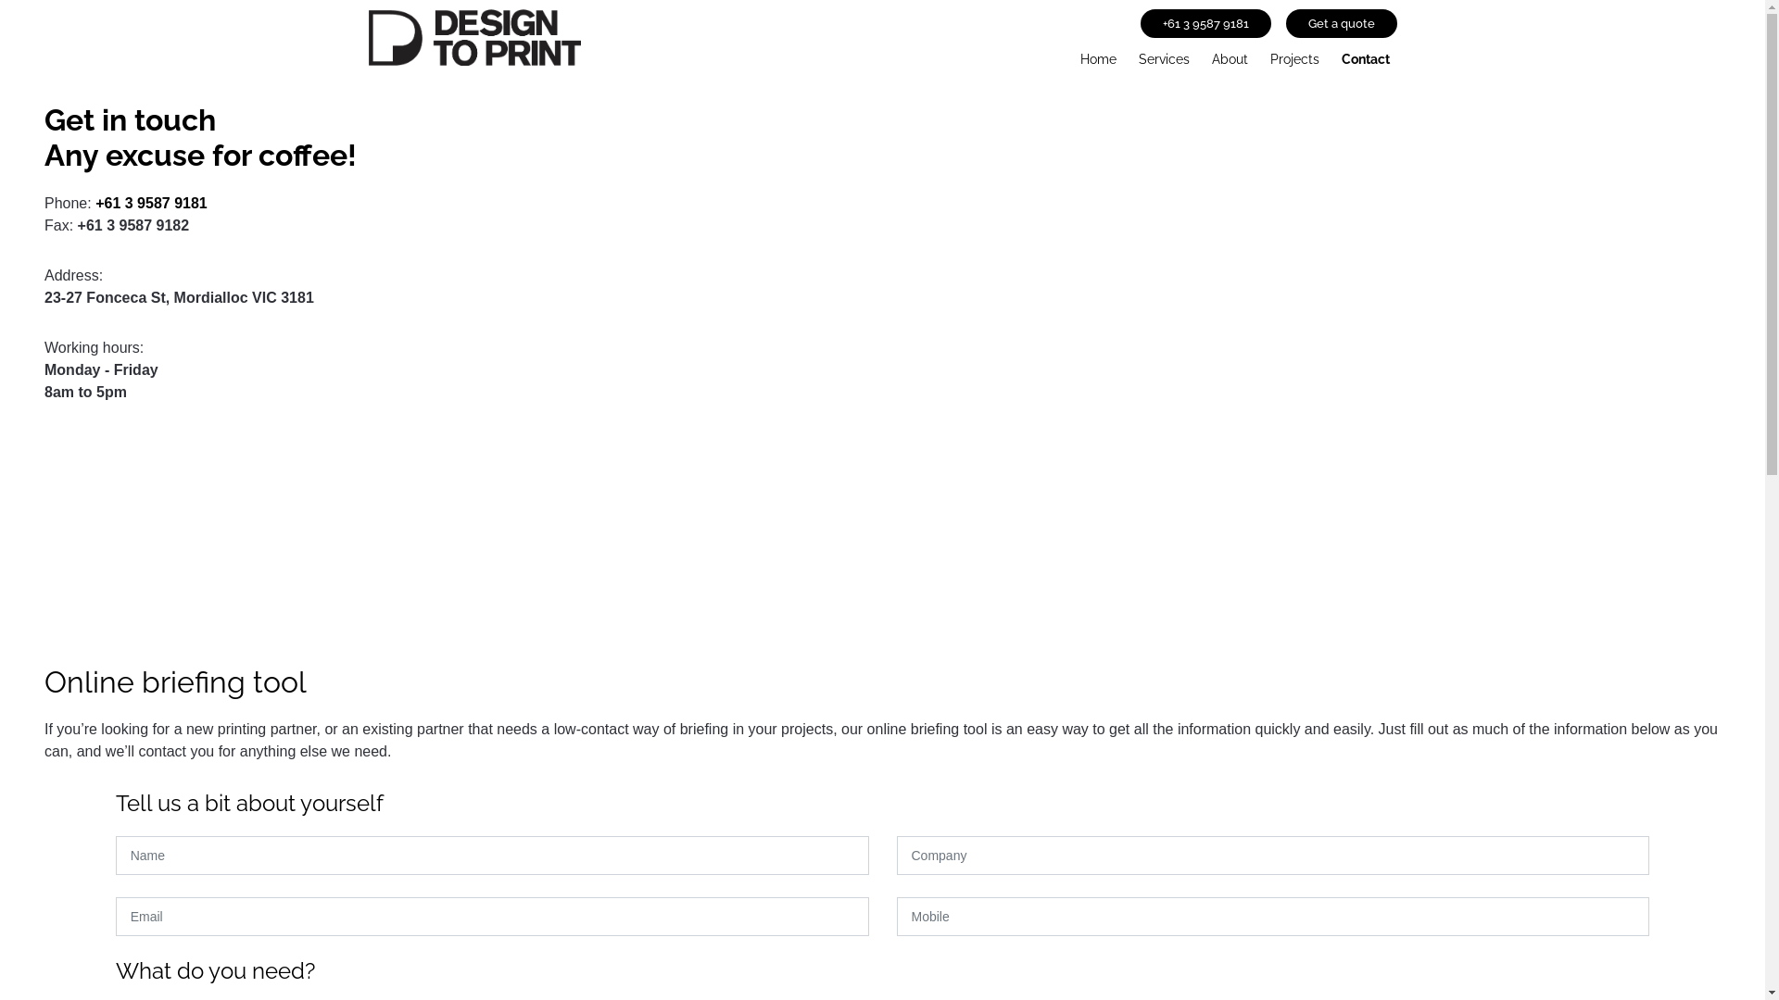  I want to click on 'About', so click(1230, 55).